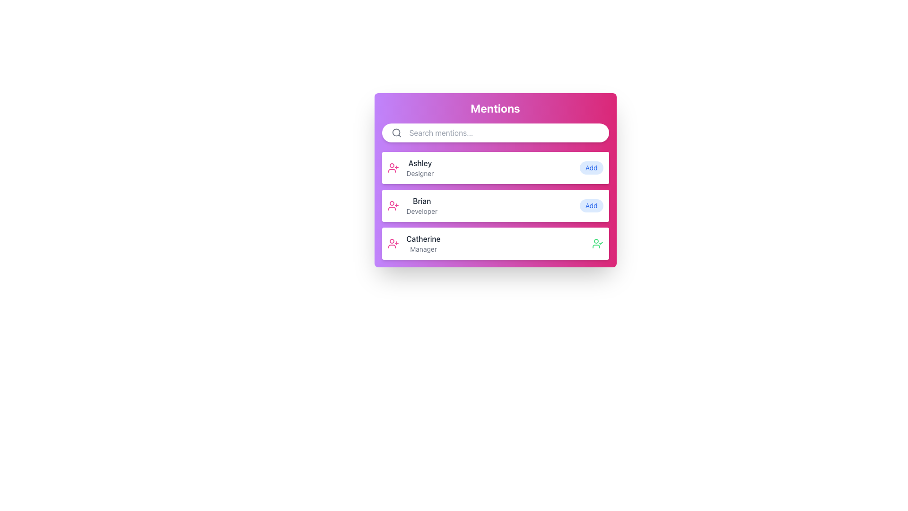  I want to click on the text label displaying 'Ashley' in bold, dark gray font, so click(419, 167).